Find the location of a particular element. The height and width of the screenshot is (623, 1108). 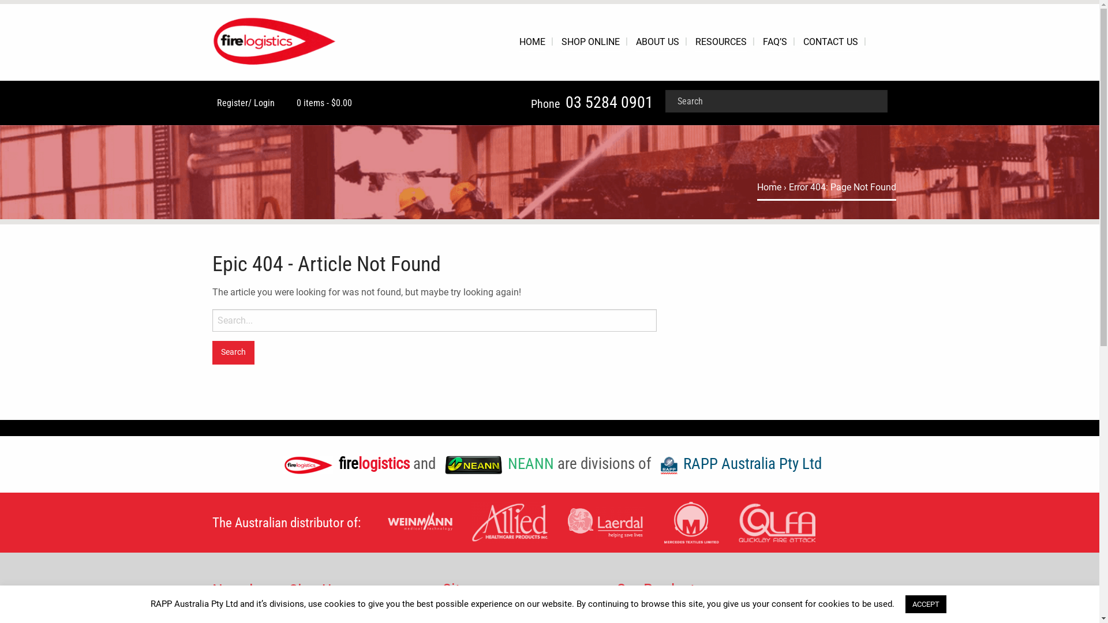

'RESOURCES' is located at coordinates (720, 42).